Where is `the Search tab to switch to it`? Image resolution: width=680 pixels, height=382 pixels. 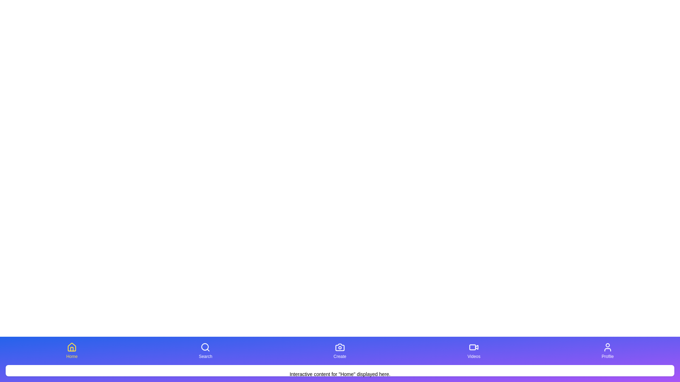 the Search tab to switch to it is located at coordinates (205, 351).